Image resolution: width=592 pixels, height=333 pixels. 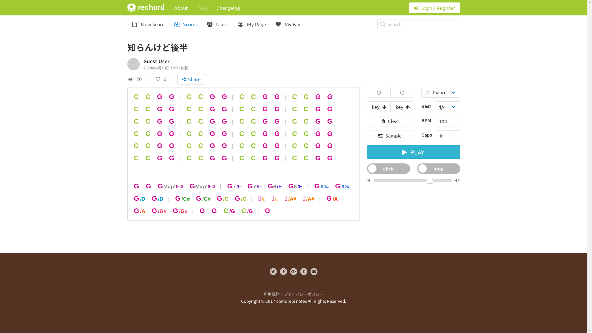 I want to click on 'Clear', so click(x=390, y=121).